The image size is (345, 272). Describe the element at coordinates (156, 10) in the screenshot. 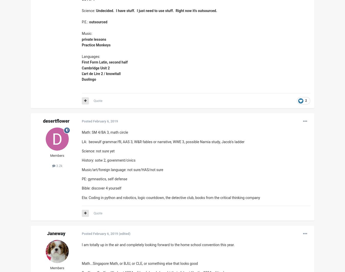

I see `'Undecided.  I have stuff.  I just need to use stuff.  Right now it's outsourced.'` at that location.